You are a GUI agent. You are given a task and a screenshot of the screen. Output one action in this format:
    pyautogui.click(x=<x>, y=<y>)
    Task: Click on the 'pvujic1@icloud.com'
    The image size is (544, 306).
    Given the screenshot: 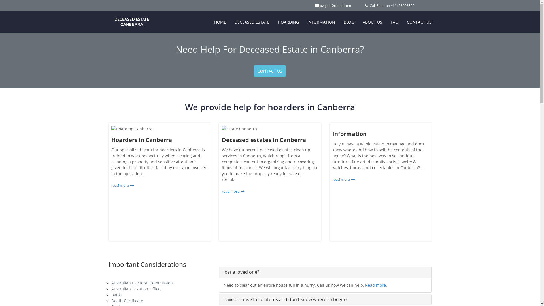 What is the action you would take?
    pyautogui.click(x=335, y=5)
    